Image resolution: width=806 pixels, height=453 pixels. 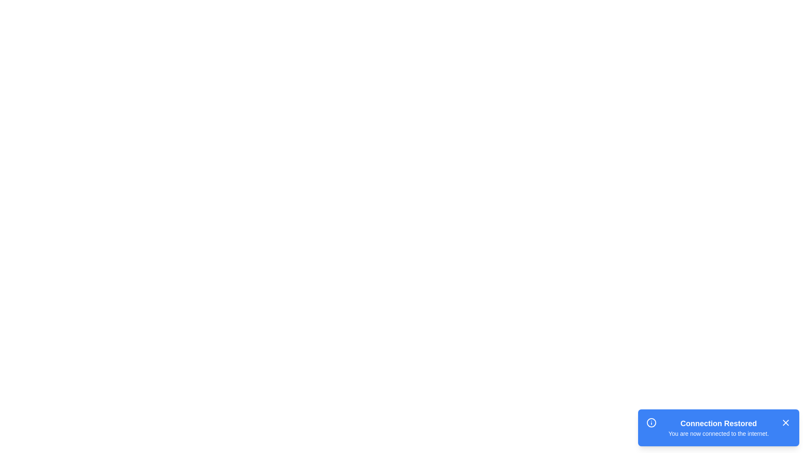 I want to click on the blue square button with a white 'X' icon, so click(x=785, y=422).